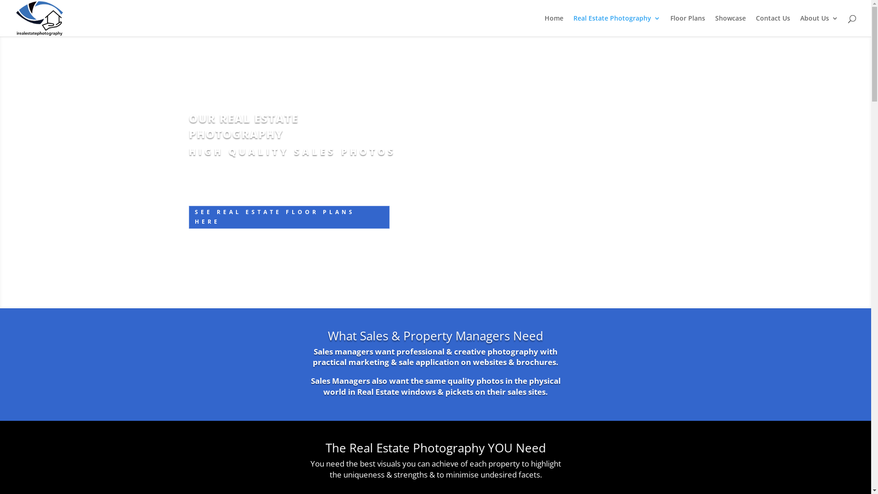 The image size is (878, 494). What do you see at coordinates (715, 25) in the screenshot?
I see `'Showcase'` at bounding box center [715, 25].